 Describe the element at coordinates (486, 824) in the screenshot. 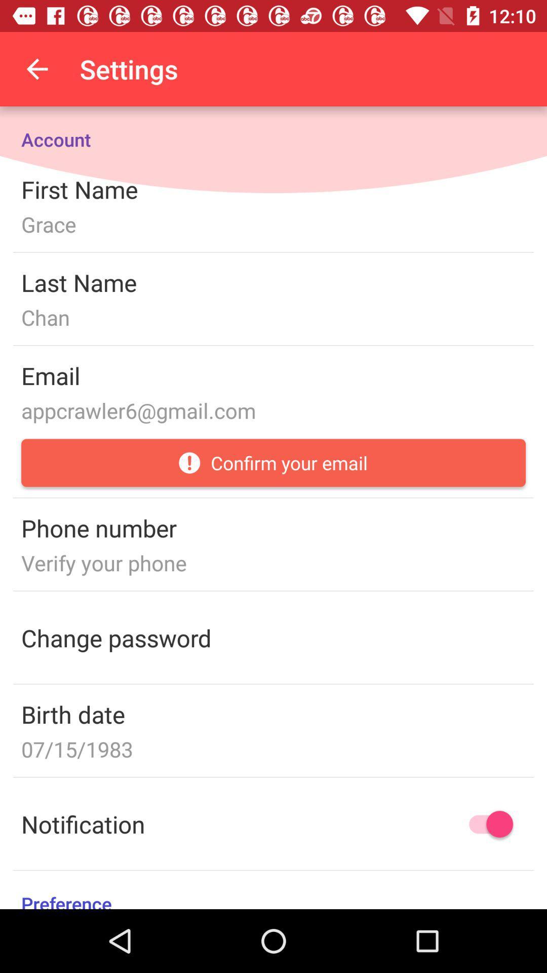

I see `notifications` at that location.